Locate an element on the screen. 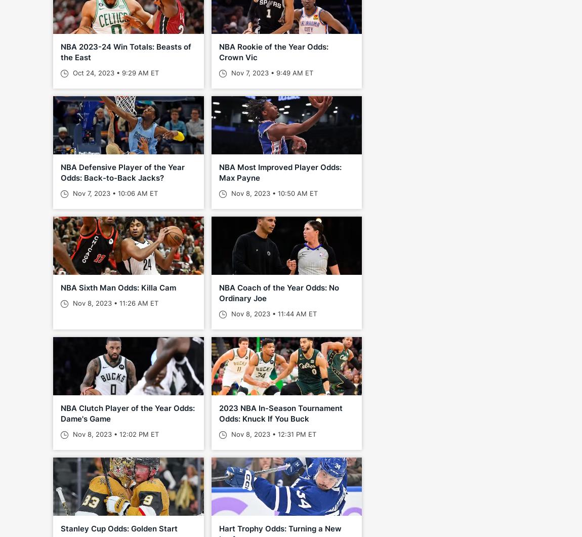 Image resolution: width=582 pixels, height=537 pixels. '2023 NBA In-Season Tournament Odds: Knuck If You Buck' is located at coordinates (280, 413).